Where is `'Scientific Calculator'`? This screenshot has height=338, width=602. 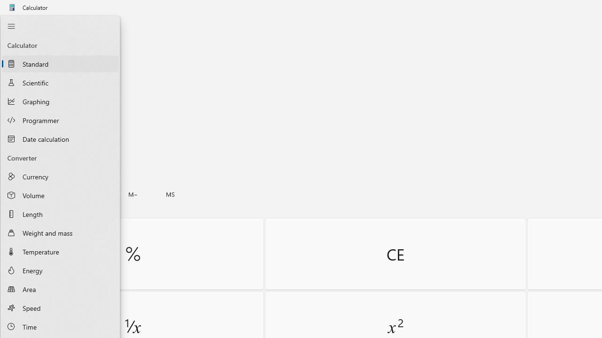 'Scientific Calculator' is located at coordinates (60, 82).